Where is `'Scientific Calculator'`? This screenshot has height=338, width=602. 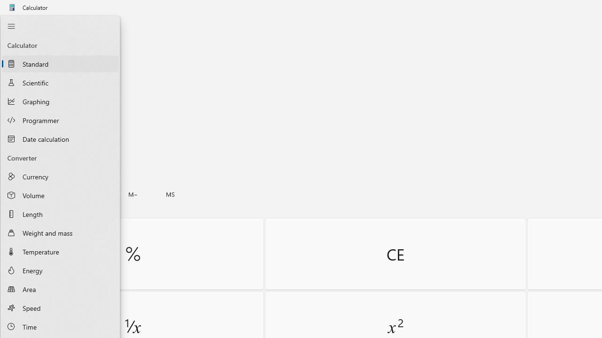 'Scientific Calculator' is located at coordinates (60, 82).